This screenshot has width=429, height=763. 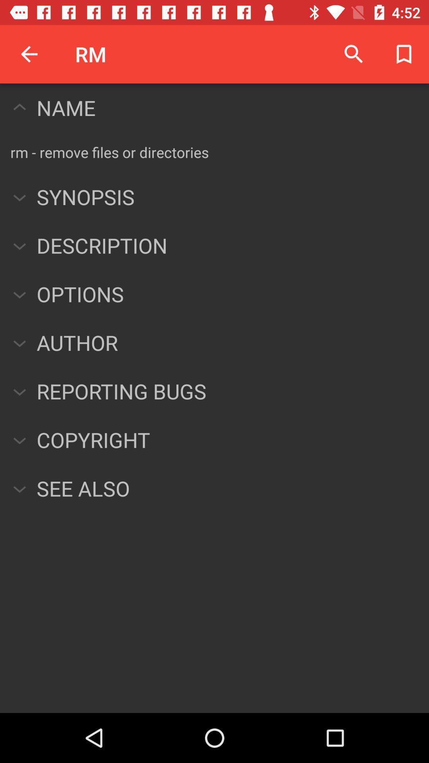 What do you see at coordinates (354, 54) in the screenshot?
I see `the item next to rm icon` at bounding box center [354, 54].